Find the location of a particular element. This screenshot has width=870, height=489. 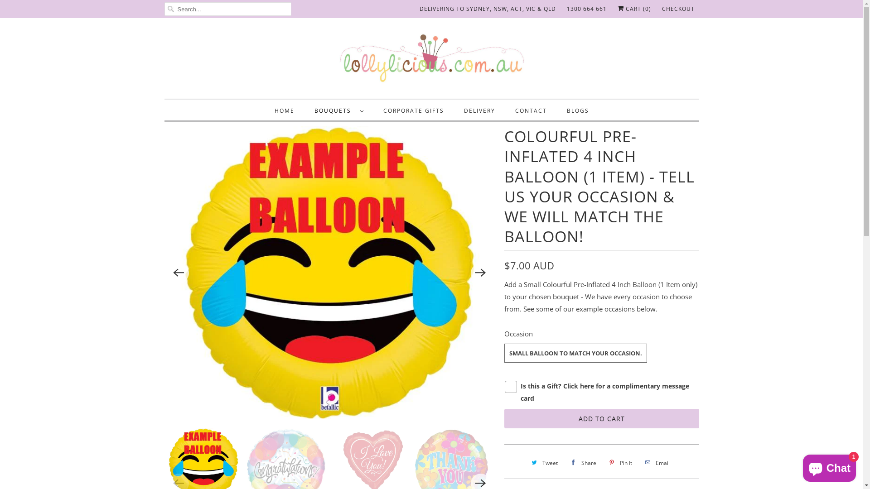

'Lollylicious.com.au' is located at coordinates (430, 61).